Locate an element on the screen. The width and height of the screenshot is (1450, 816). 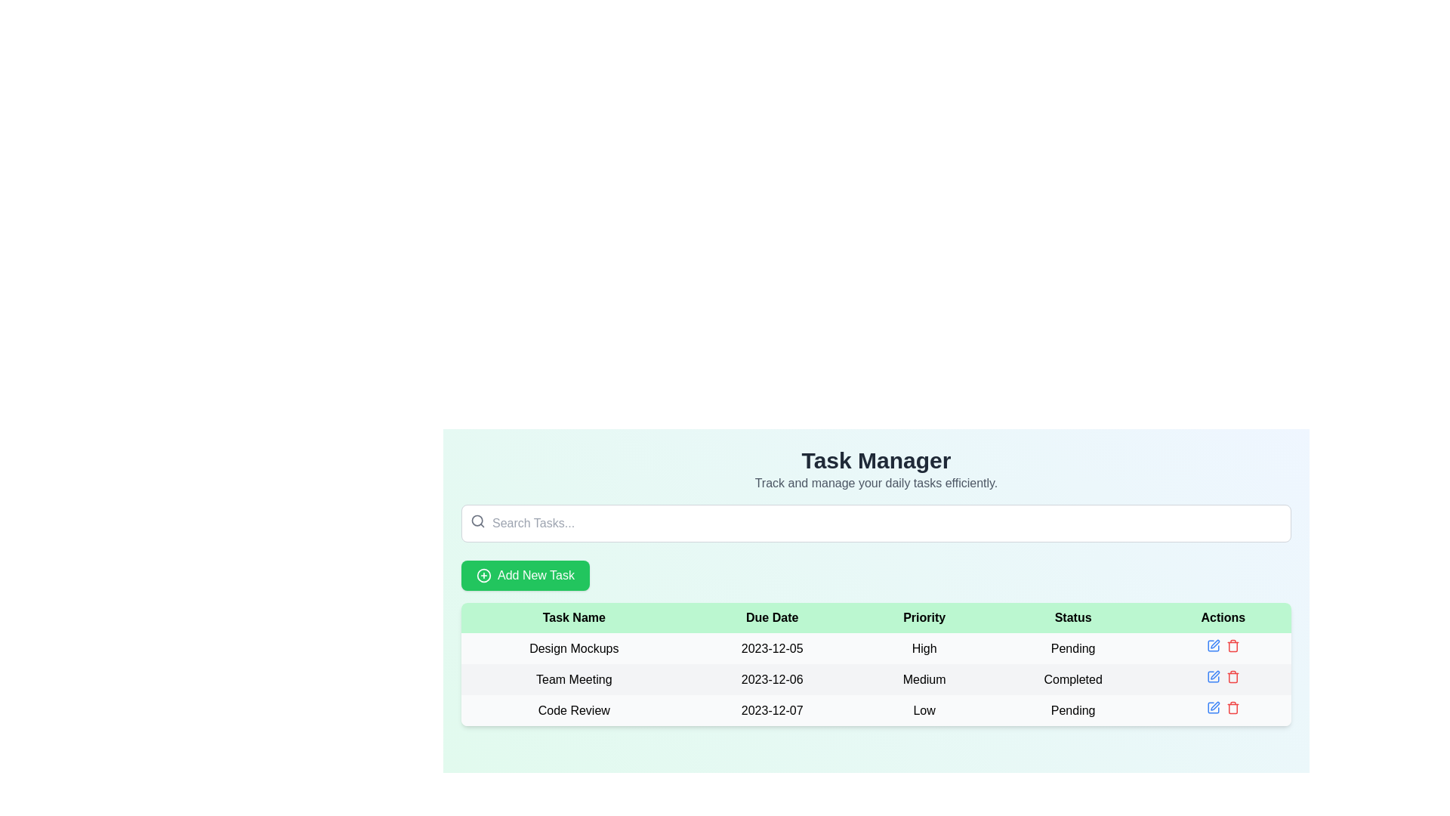
the 'Status' header label in the table, which is the fourth label from the left, positioned between 'Priority' and 'Actions' is located at coordinates (1072, 617).